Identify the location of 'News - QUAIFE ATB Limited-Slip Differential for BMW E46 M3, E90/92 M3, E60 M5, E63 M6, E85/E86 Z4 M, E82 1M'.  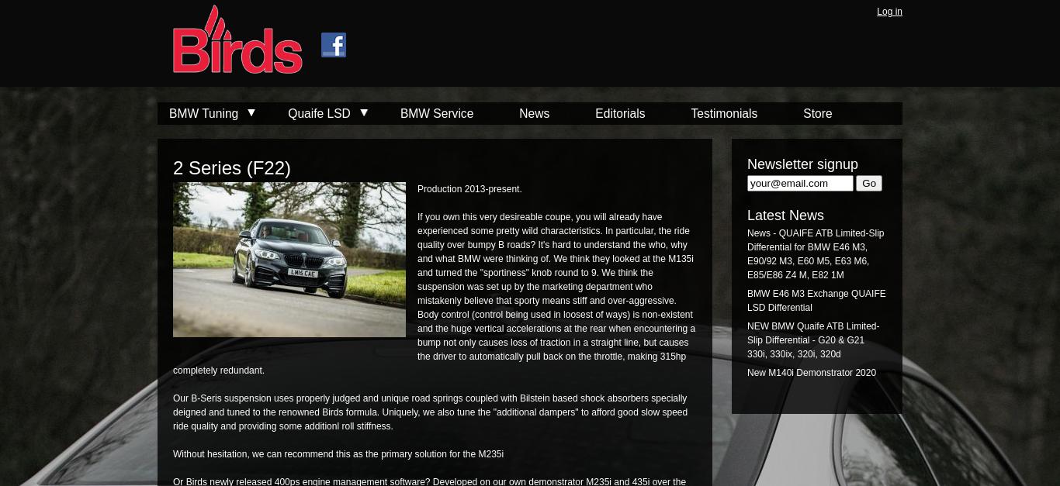
(815, 253).